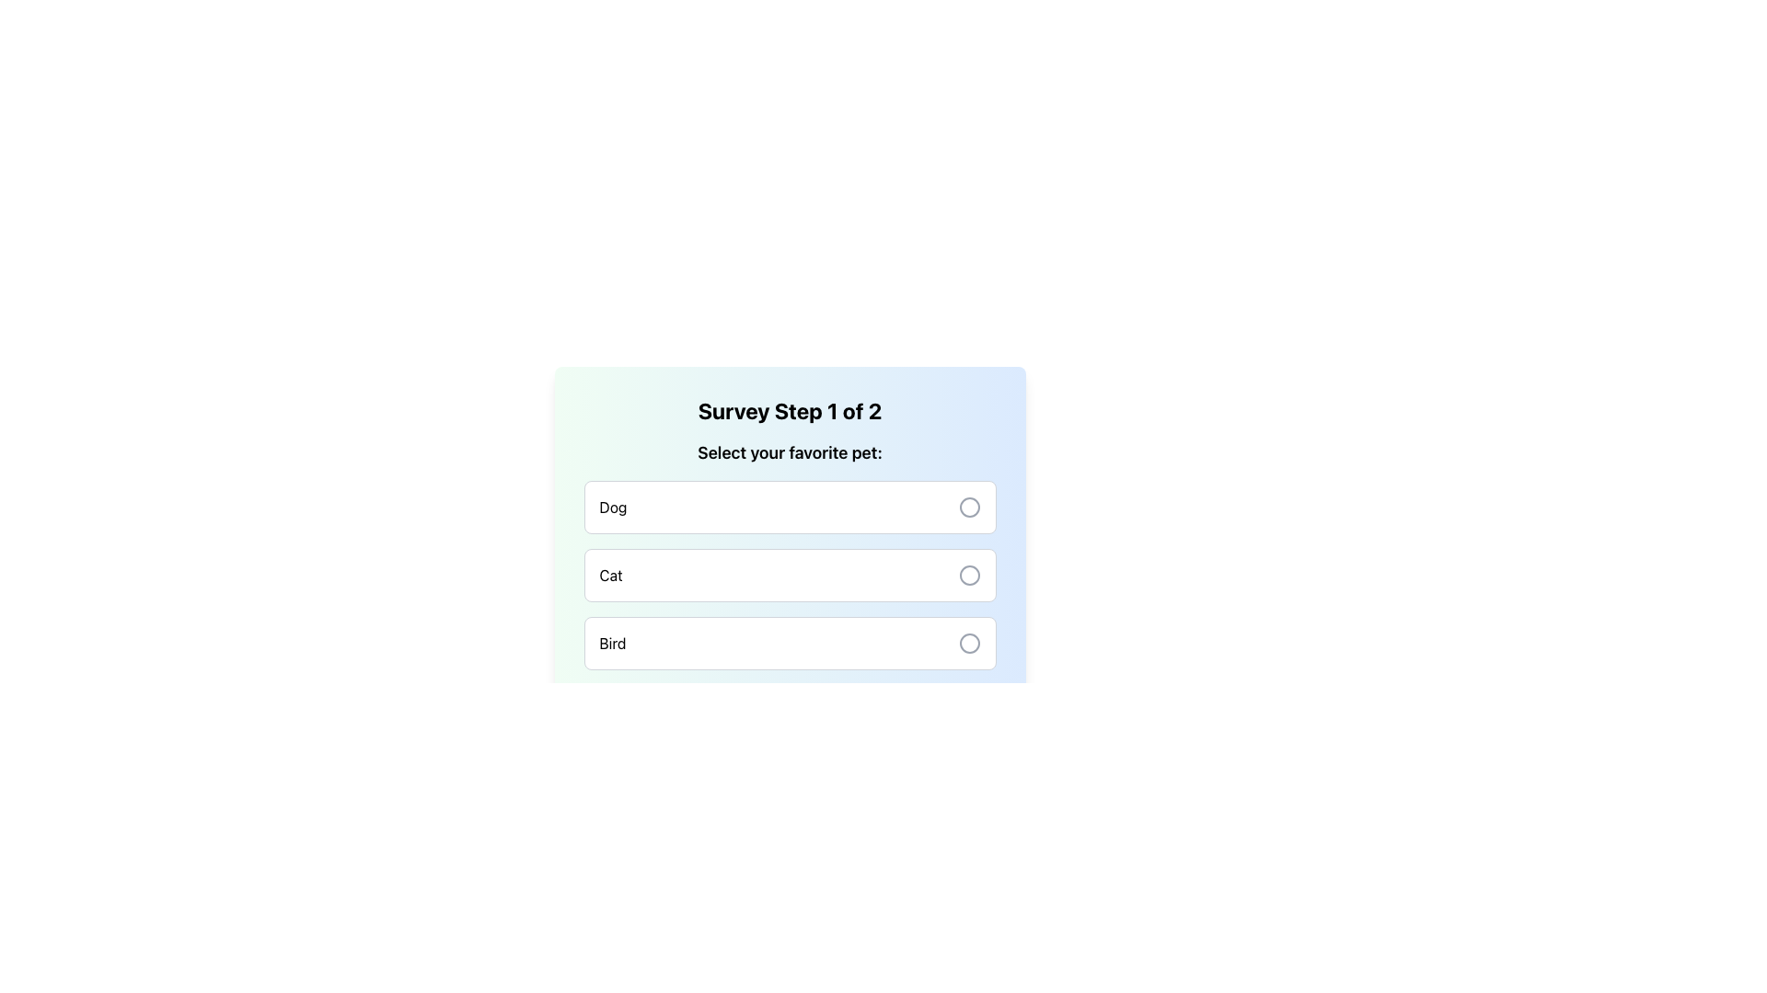 The width and height of the screenshot is (1767, 993). Describe the element at coordinates (613, 507) in the screenshot. I see `'Dog' label text that serves as a description for the first survey option, indicating the user's choice for 'Dog'` at that location.